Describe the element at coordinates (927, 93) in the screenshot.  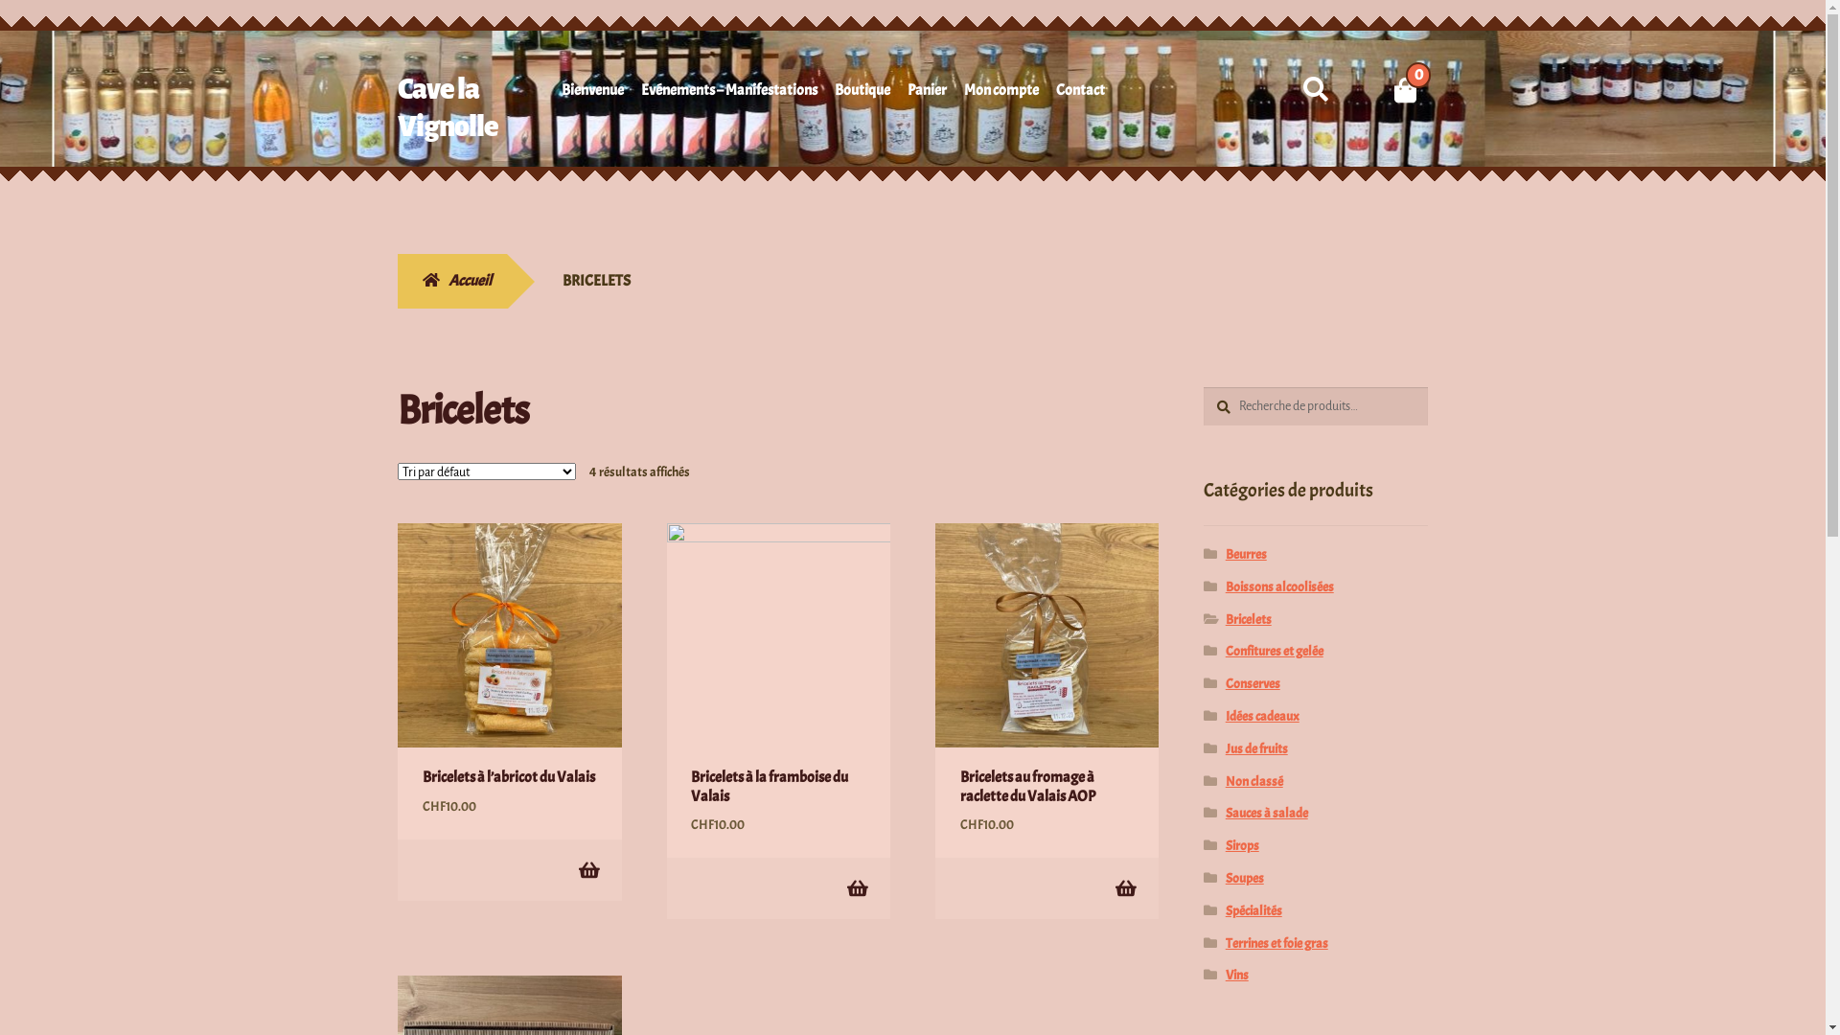
I see `'Panier'` at that location.